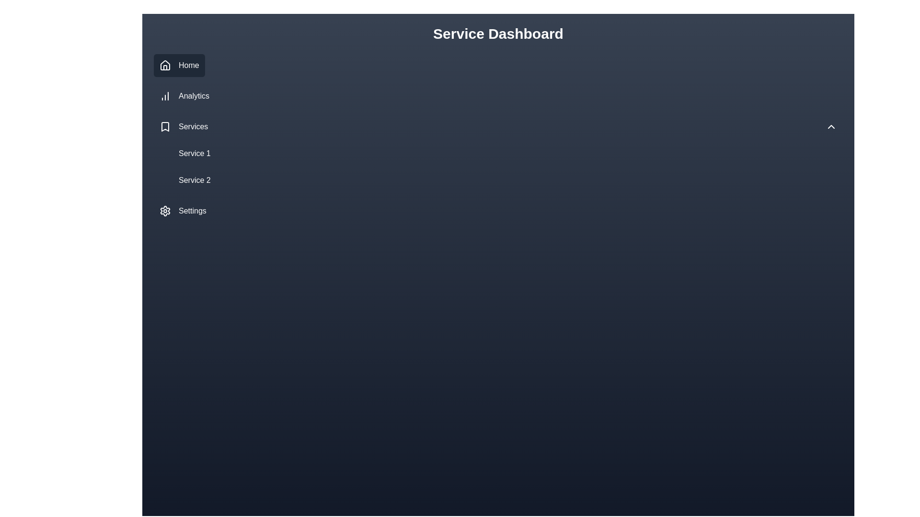 The height and width of the screenshot is (517, 920). What do you see at coordinates (184, 96) in the screenshot?
I see `the 'Analytics' navigation button located under the 'Home' menu in the top left of the interface to trigger a visual response` at bounding box center [184, 96].